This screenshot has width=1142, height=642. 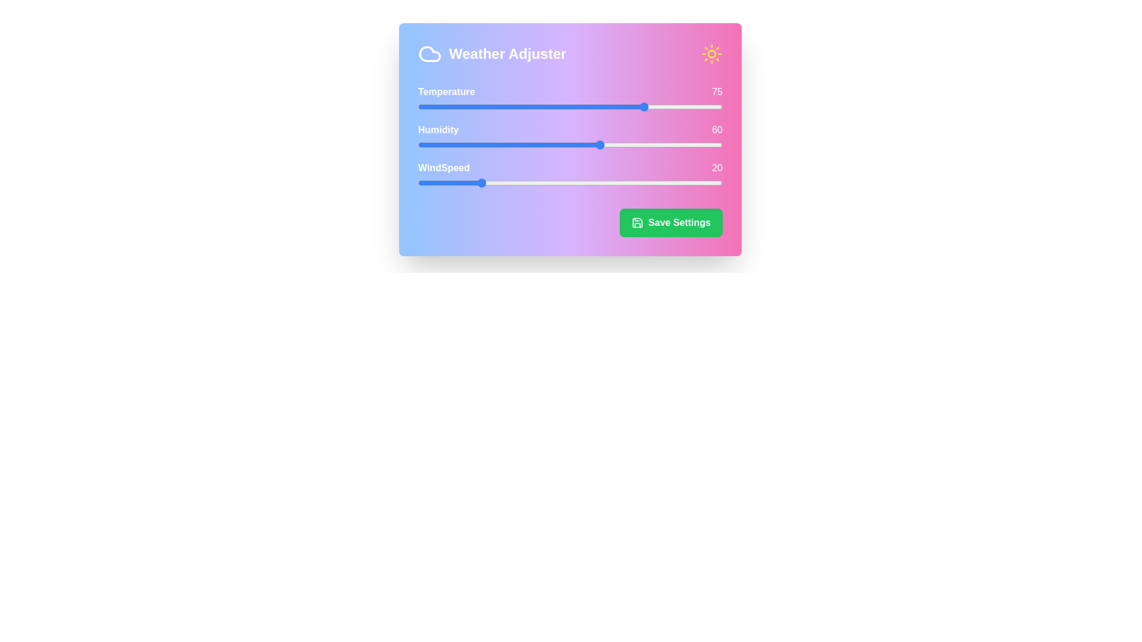 What do you see at coordinates (661, 183) in the screenshot?
I see `the wind speed` at bounding box center [661, 183].